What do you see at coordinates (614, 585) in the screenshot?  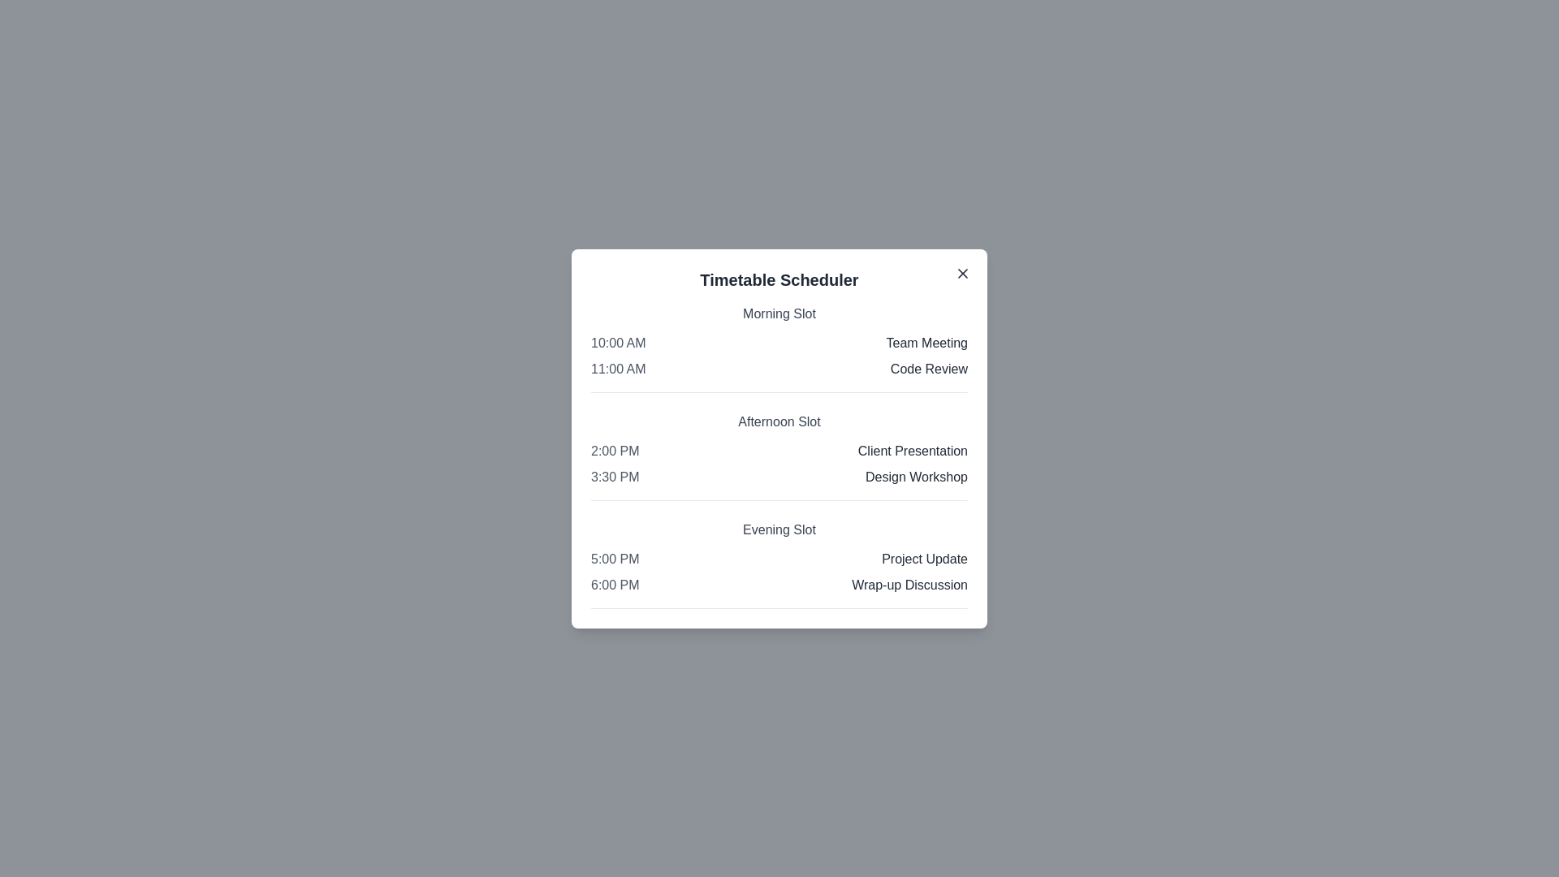 I see `the event time 6:00 PM to select it` at bounding box center [614, 585].